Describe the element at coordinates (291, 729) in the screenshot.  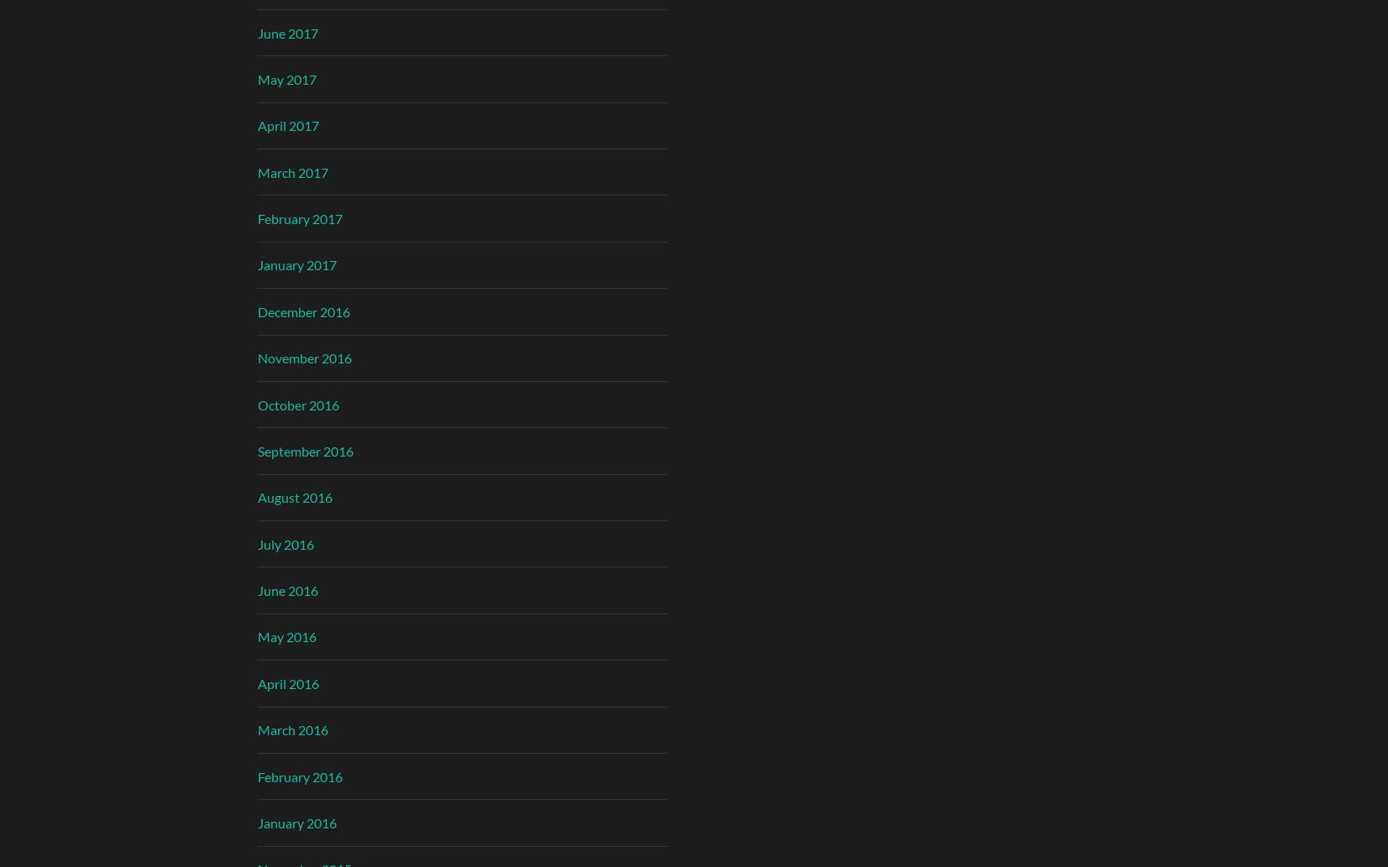
I see `'March 2016'` at that location.